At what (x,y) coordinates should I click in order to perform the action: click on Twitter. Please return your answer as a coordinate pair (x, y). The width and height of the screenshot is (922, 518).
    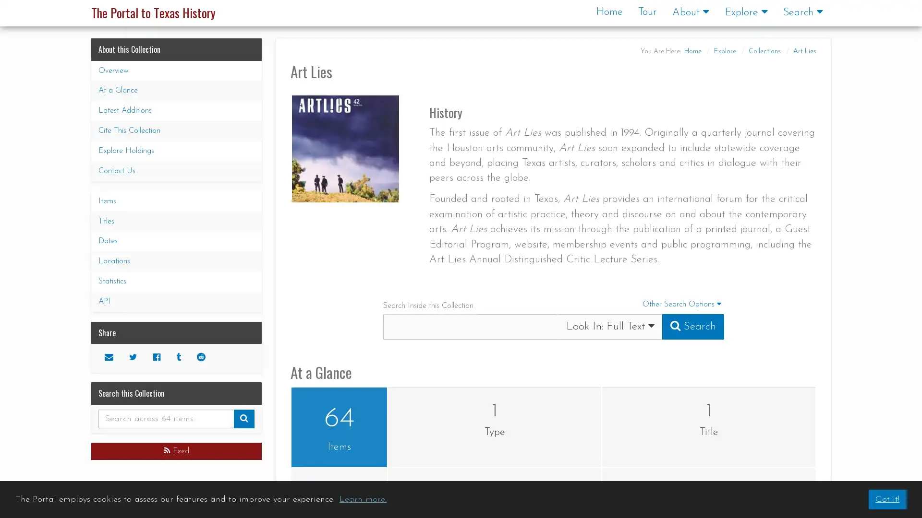
    Looking at the image, I should click on (133, 358).